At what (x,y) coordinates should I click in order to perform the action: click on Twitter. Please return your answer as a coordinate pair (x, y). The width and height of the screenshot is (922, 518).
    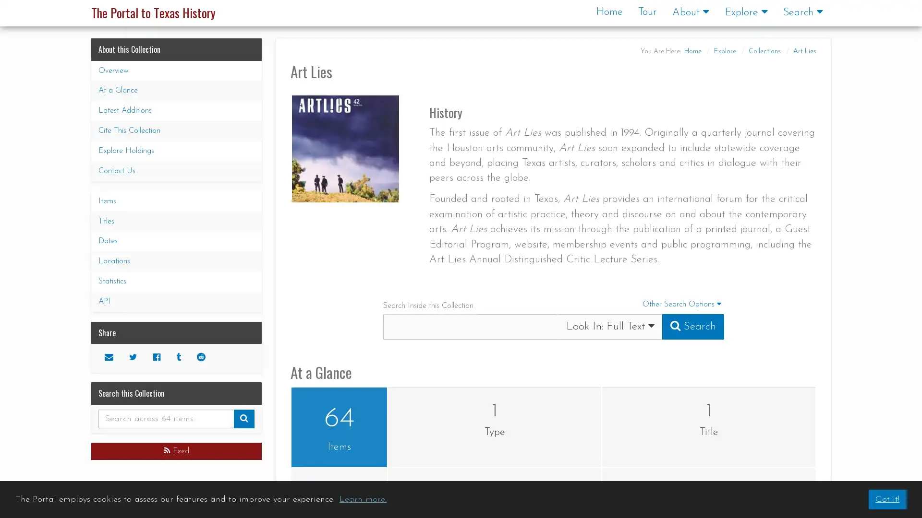
    Looking at the image, I should click on (133, 358).